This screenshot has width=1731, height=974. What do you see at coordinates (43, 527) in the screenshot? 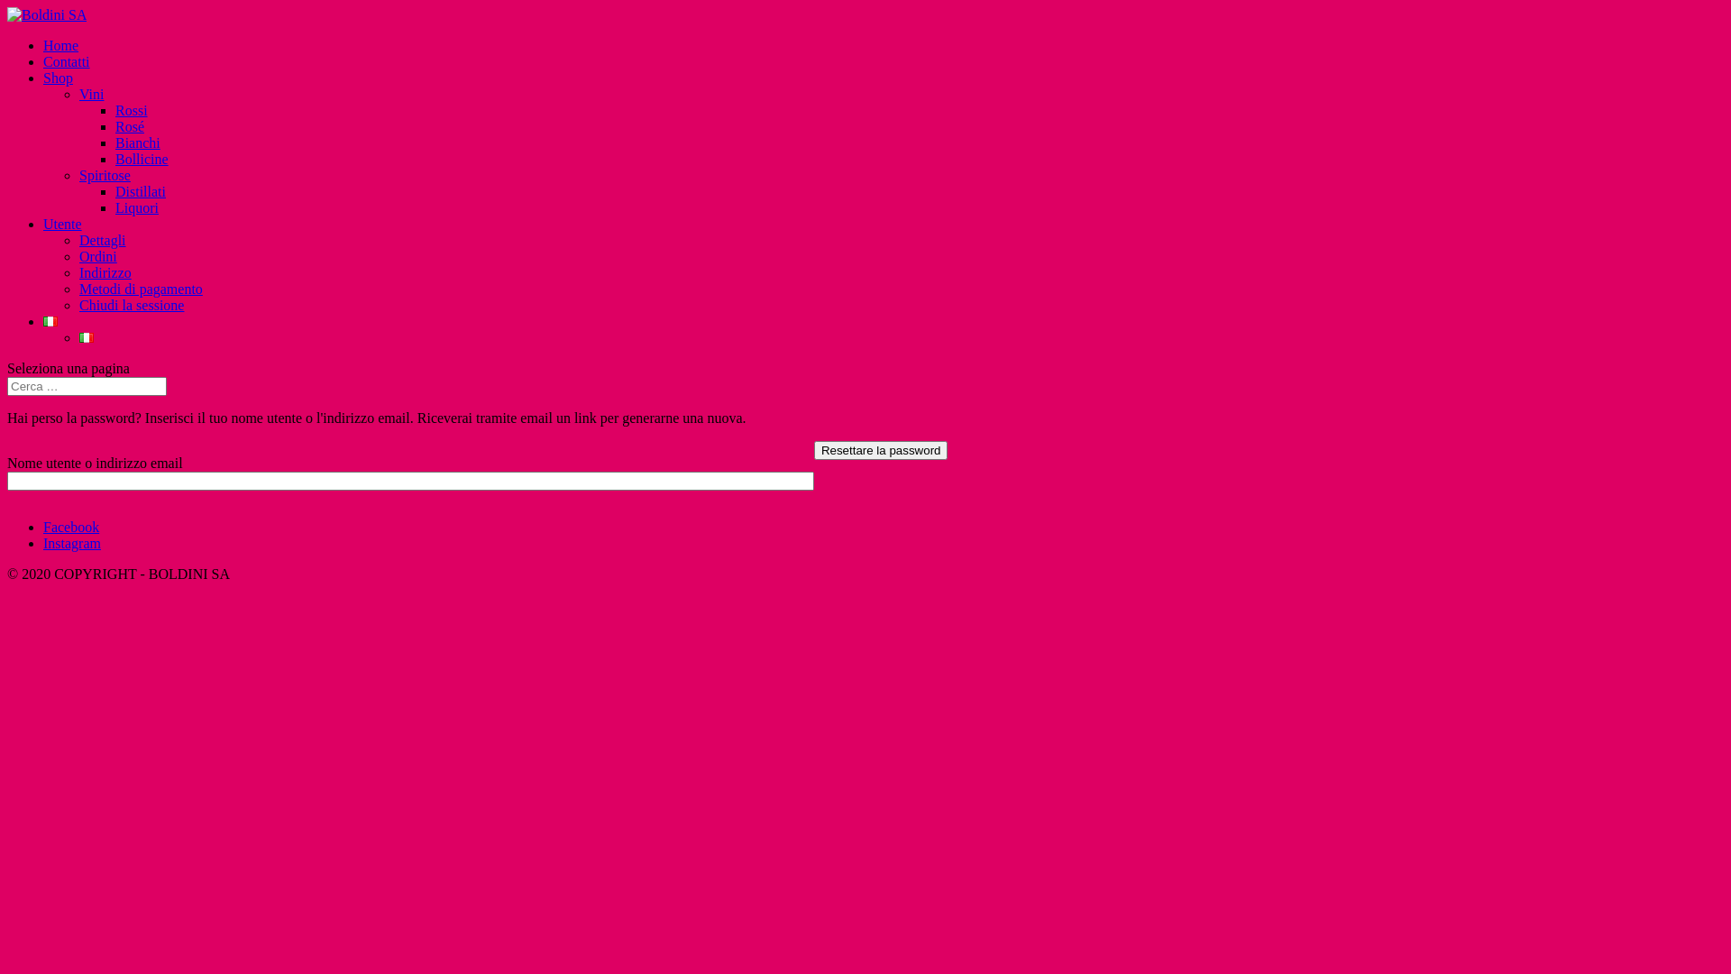
I see `'Facebook'` at bounding box center [43, 527].